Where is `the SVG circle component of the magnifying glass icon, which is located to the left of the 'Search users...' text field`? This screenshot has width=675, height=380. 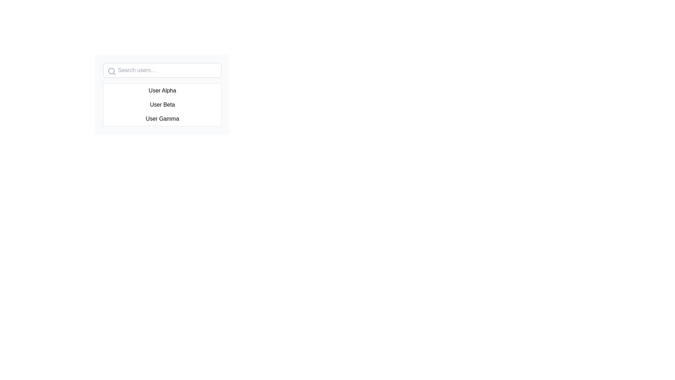 the SVG circle component of the magnifying glass icon, which is located to the left of the 'Search users...' text field is located at coordinates (111, 71).